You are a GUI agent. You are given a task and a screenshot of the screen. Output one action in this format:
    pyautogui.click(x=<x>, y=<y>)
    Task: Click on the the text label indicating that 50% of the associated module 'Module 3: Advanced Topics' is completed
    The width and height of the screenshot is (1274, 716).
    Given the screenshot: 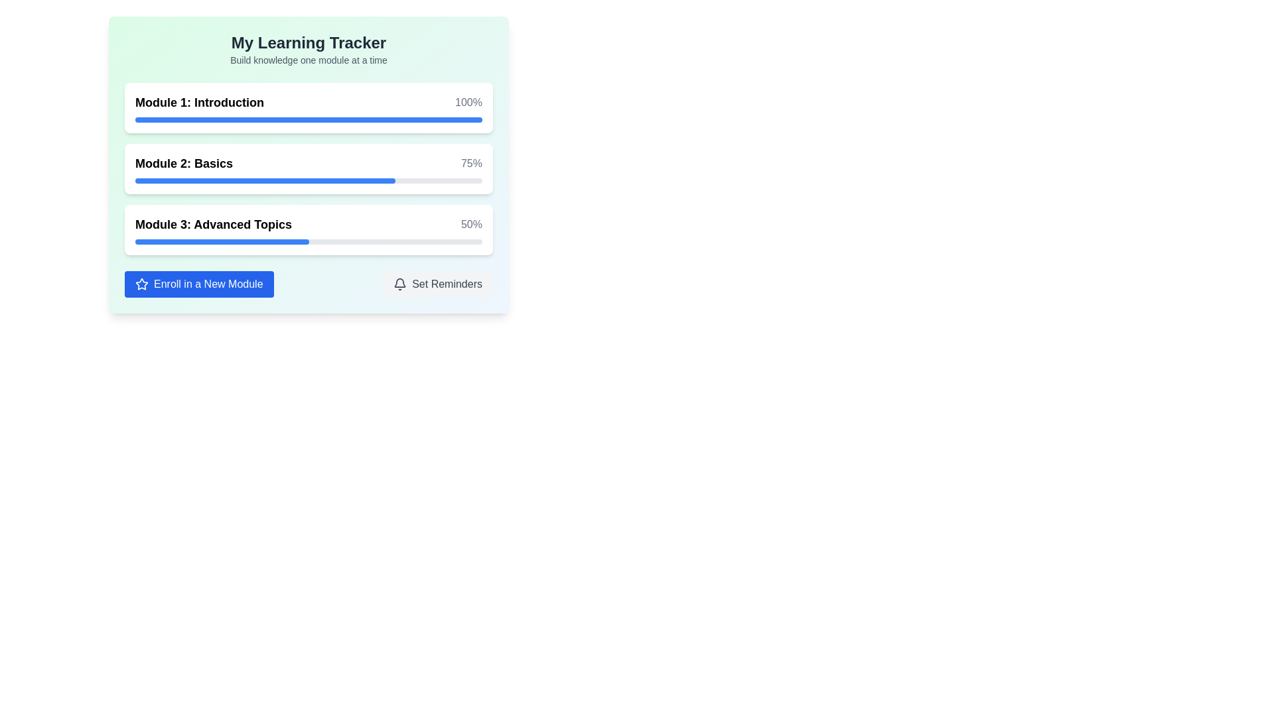 What is the action you would take?
    pyautogui.click(x=471, y=224)
    